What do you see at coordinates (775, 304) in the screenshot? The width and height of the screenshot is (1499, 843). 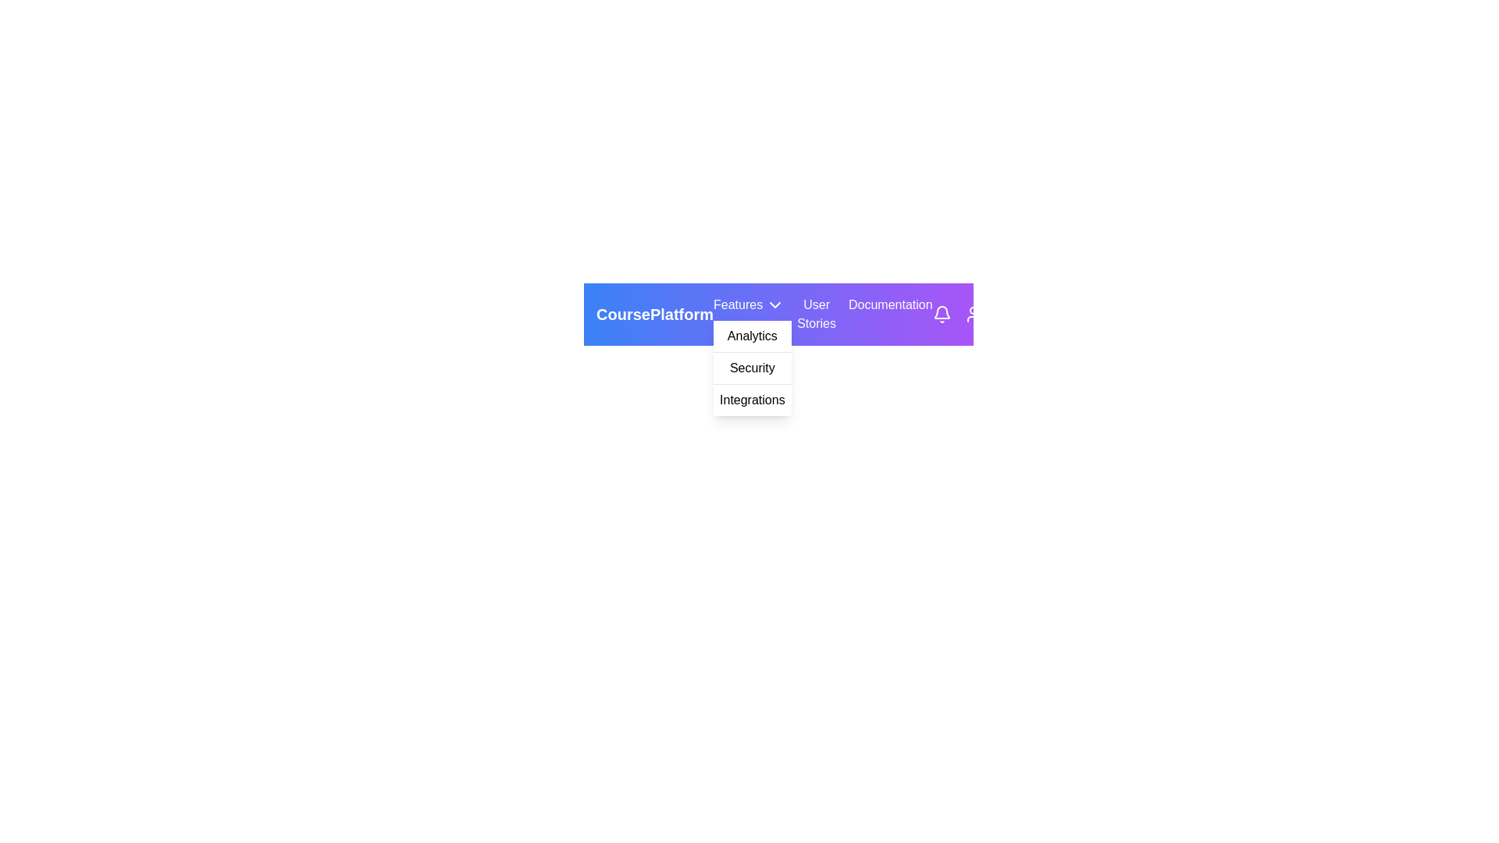 I see `the dropdown icon next to the 'Features' text in the top navigation bar` at bounding box center [775, 304].